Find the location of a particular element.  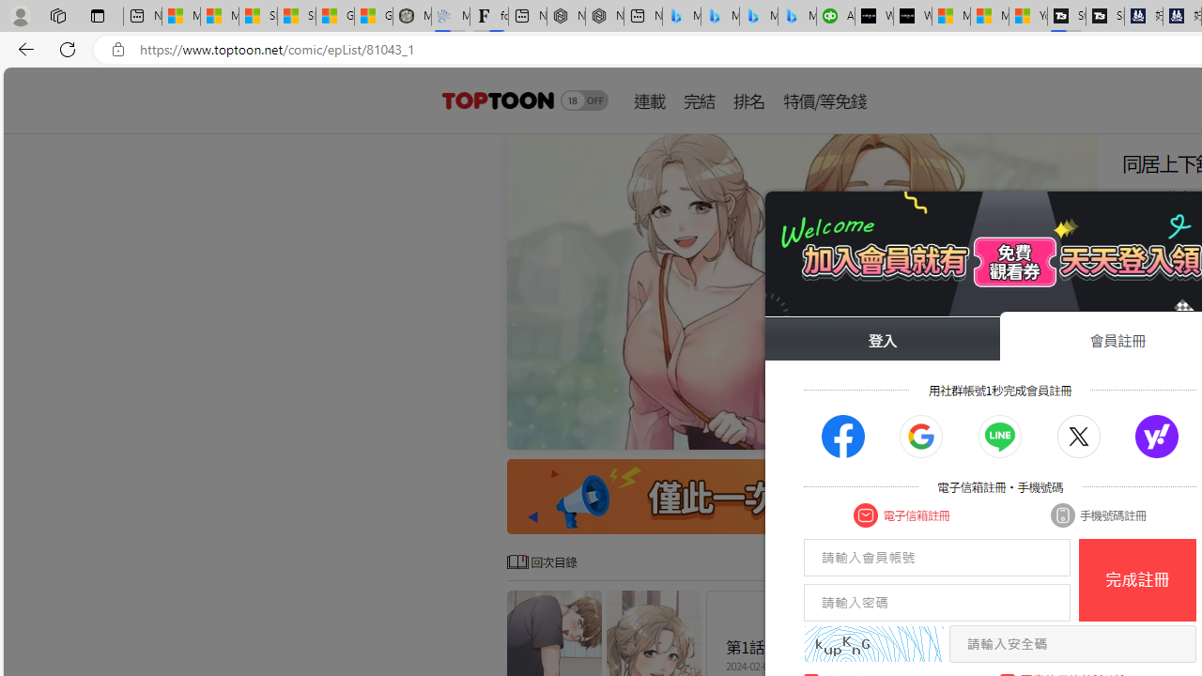

'Tab actions menu' is located at coordinates (97, 15).